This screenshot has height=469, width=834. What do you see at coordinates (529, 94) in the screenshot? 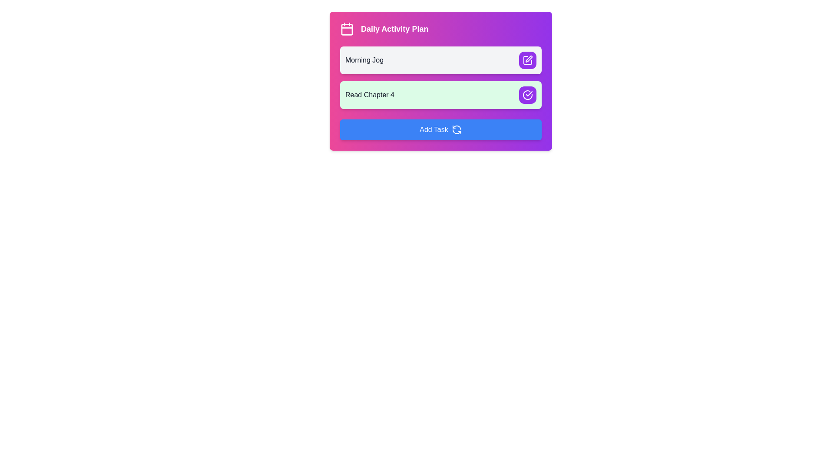
I see `the circular checkmark icon indicating the completion of the 'Read Chapter 4' task in the activity list` at bounding box center [529, 94].